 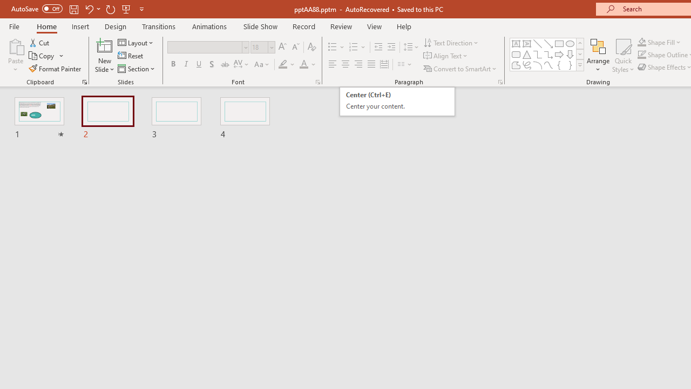 I want to click on 'Cut', so click(x=40, y=42).